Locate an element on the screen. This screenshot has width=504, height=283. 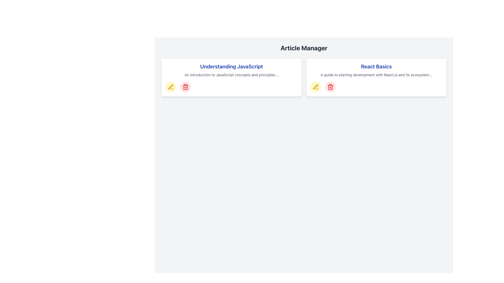
the title text element that serves as the heading for the associated content within the card layout is located at coordinates (231, 66).